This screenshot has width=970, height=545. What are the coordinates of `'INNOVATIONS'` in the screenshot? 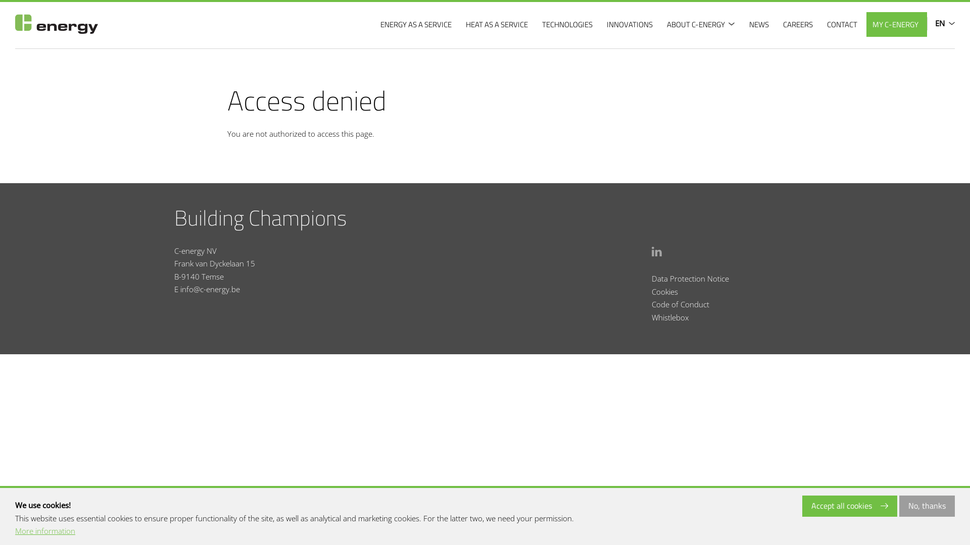 It's located at (630, 24).